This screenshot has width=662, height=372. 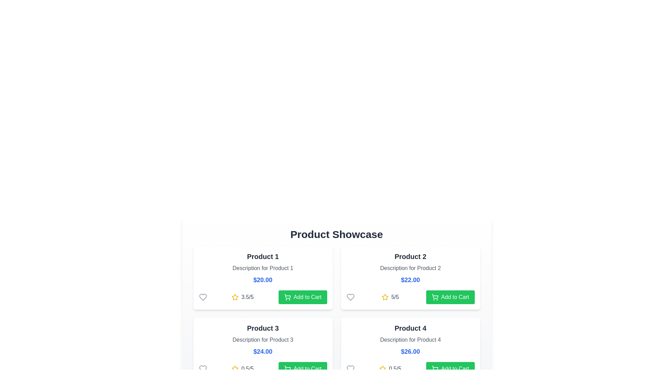 I want to click on the price text element located within the card for 'Product 1', which is positioned between the product description and the rating and cart button section, so click(x=262, y=280).